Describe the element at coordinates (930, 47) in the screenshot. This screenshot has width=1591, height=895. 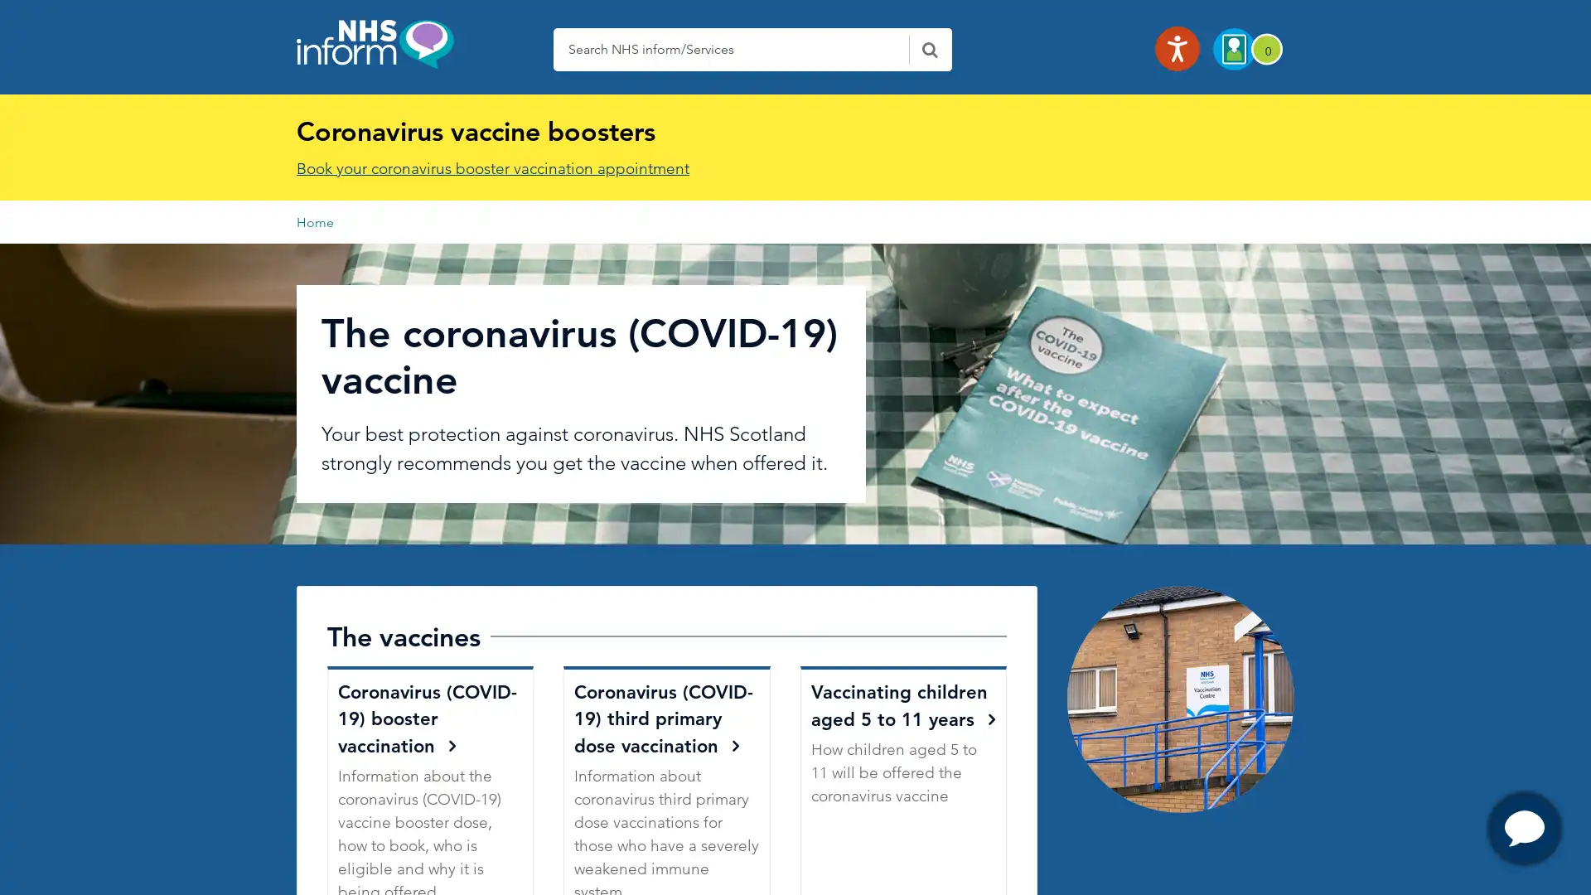
I see `Search NHS Inform - Click here to submit this form` at that location.